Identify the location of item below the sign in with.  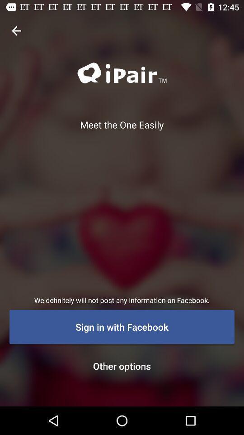
(122, 366).